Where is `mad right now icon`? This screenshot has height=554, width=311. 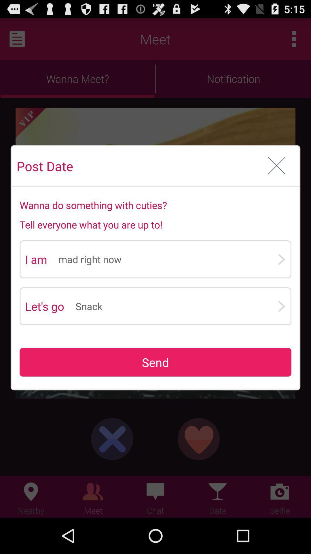
mad right now icon is located at coordinates (168, 259).